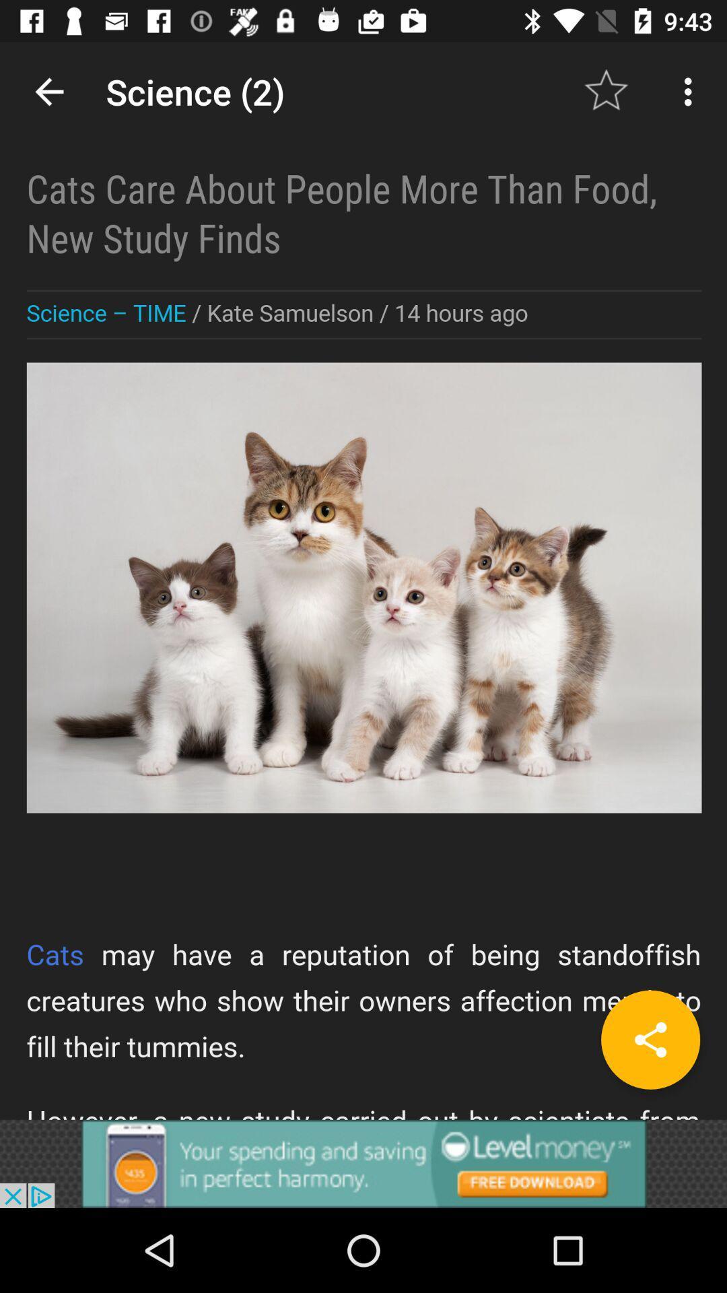  Describe the element at coordinates (363, 1163) in the screenshot. I see `advertisement` at that location.